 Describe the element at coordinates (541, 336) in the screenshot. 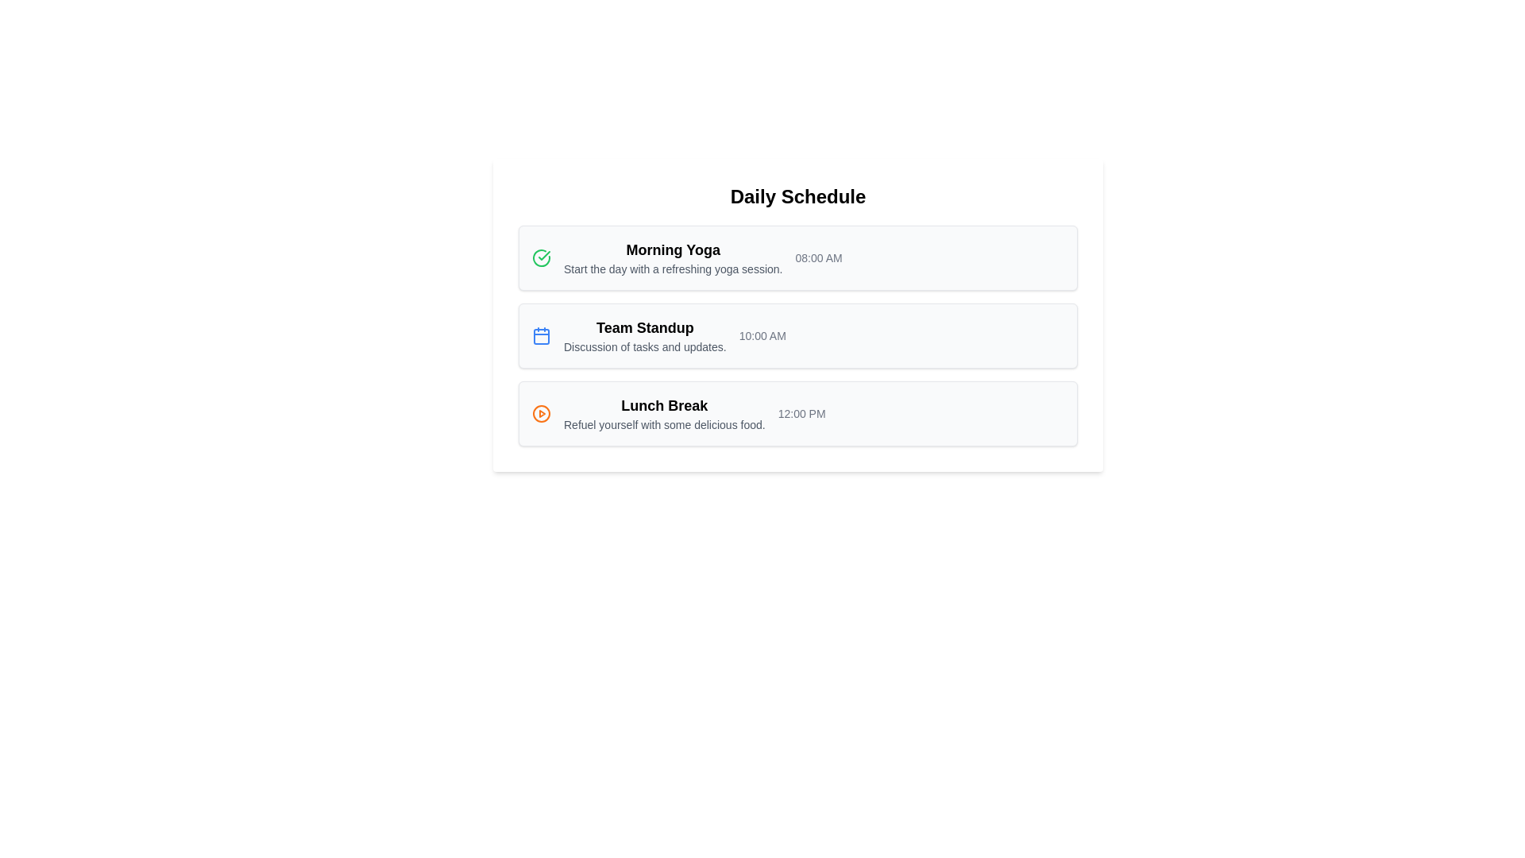

I see `the central rounded rectangle of the calendar icon, which is located to the left of the 'Team Standup' text` at that location.